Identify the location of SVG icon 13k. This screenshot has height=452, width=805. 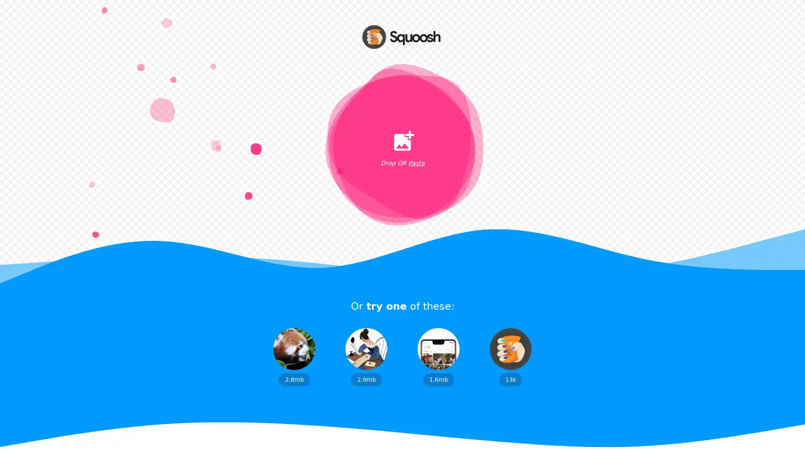
(510, 357).